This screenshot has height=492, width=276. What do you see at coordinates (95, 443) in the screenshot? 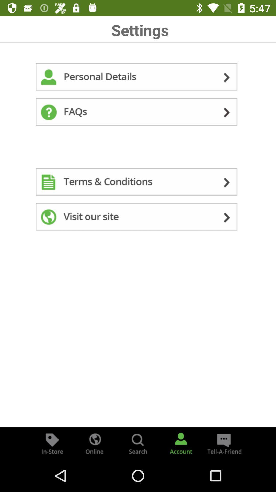
I see `go online` at bounding box center [95, 443].